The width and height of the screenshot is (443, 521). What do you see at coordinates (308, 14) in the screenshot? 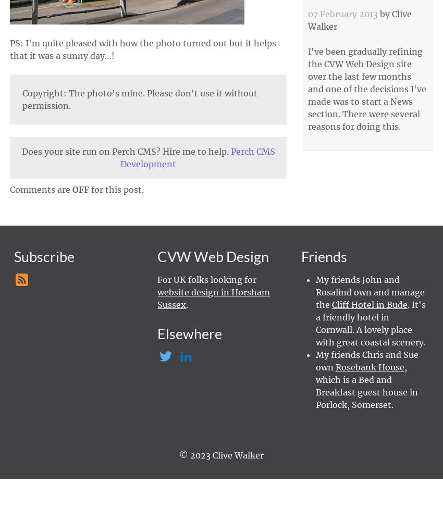
I see `'07 February 2013'` at bounding box center [308, 14].